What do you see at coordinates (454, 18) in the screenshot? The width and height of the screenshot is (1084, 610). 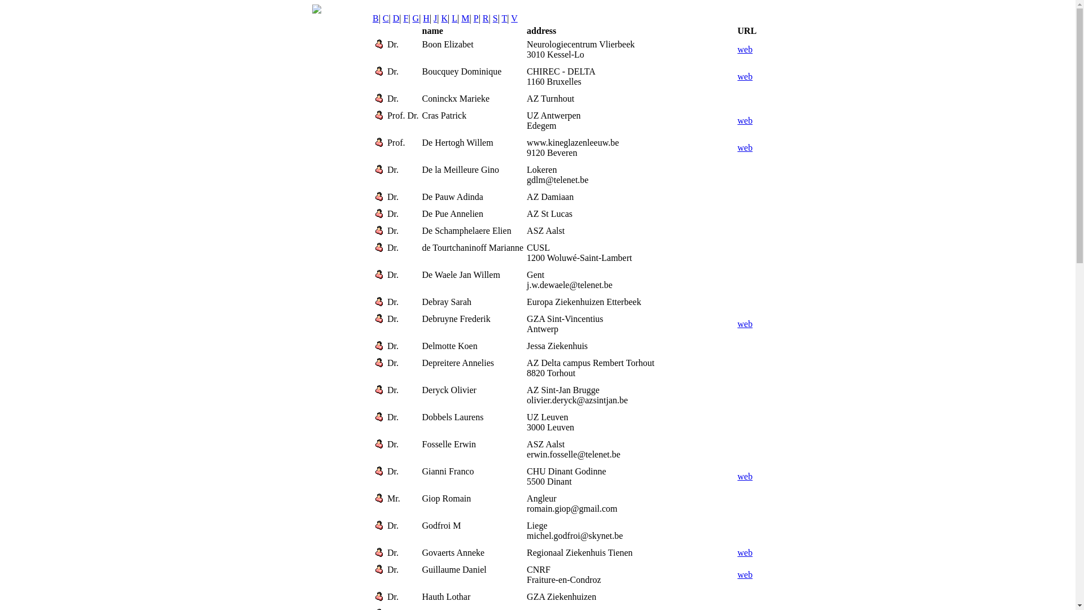 I see `'L'` at bounding box center [454, 18].